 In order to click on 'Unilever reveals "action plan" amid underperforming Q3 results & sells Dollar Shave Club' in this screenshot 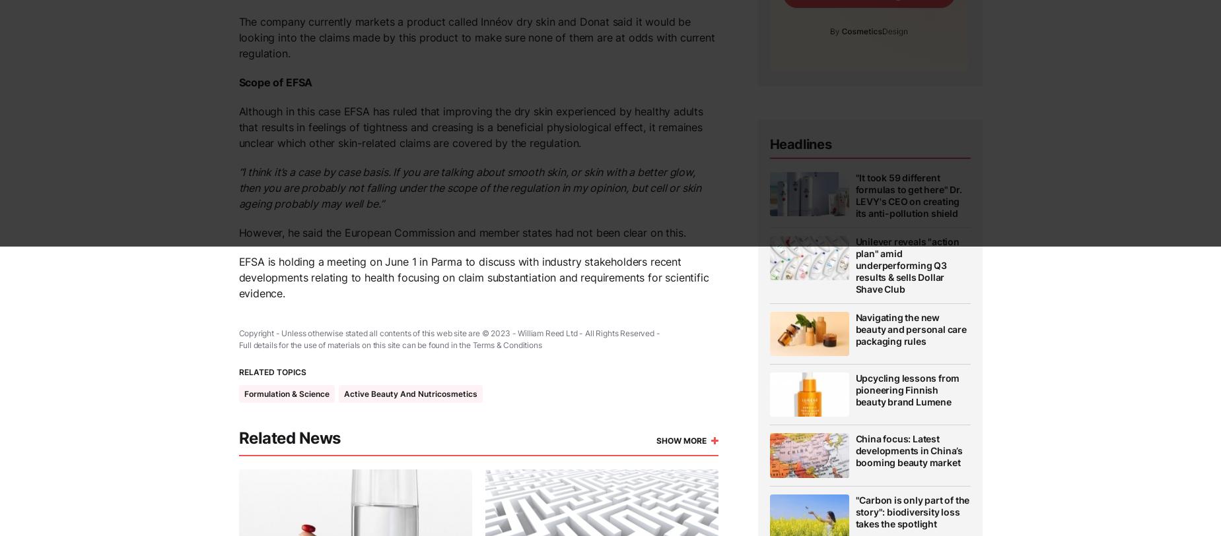, I will do `click(907, 264)`.